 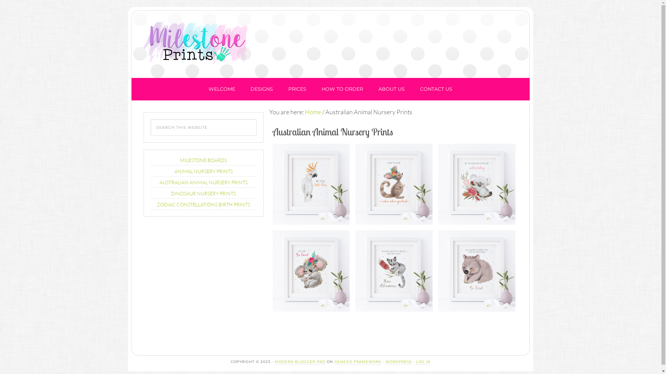 I want to click on 'LOG IN', so click(x=422, y=362).